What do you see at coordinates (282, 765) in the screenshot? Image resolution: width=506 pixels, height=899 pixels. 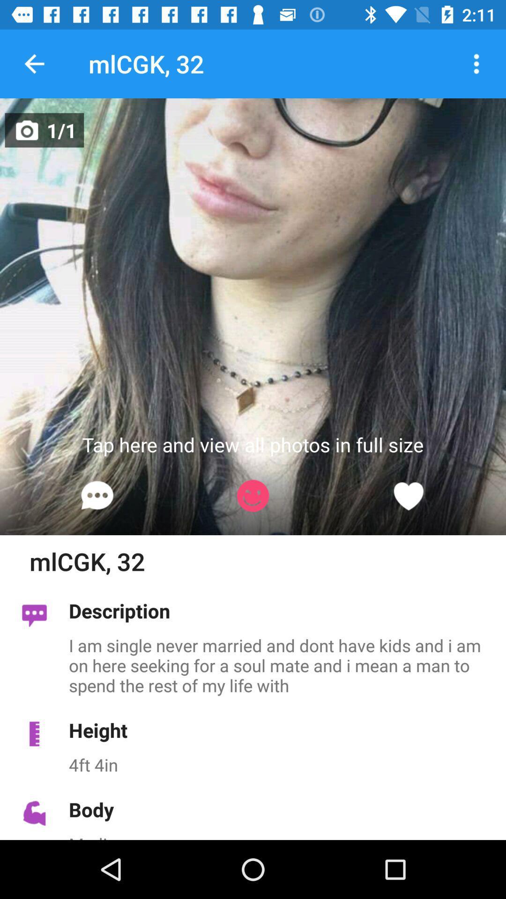 I see `the 4ft 4in icon` at bounding box center [282, 765].